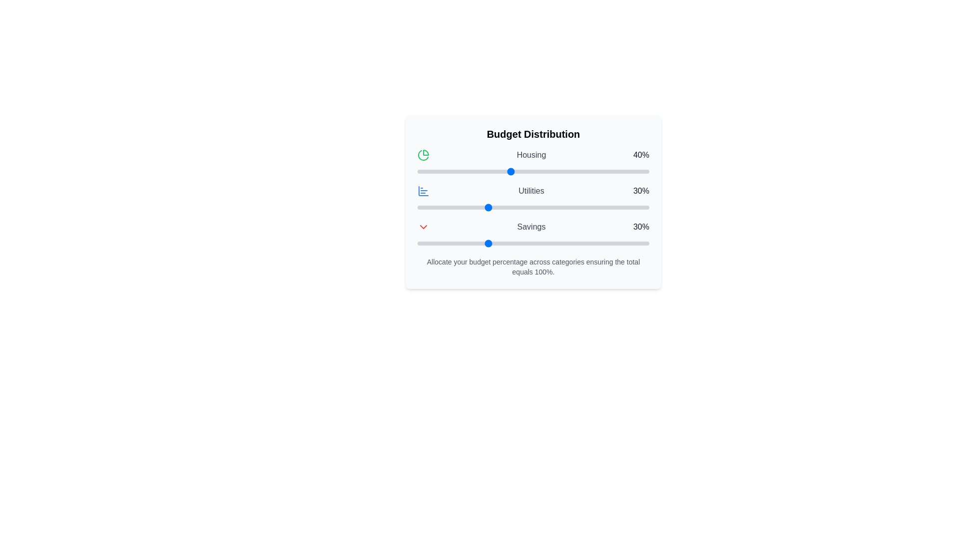  Describe the element at coordinates (542, 171) in the screenshot. I see `housing budget` at that location.